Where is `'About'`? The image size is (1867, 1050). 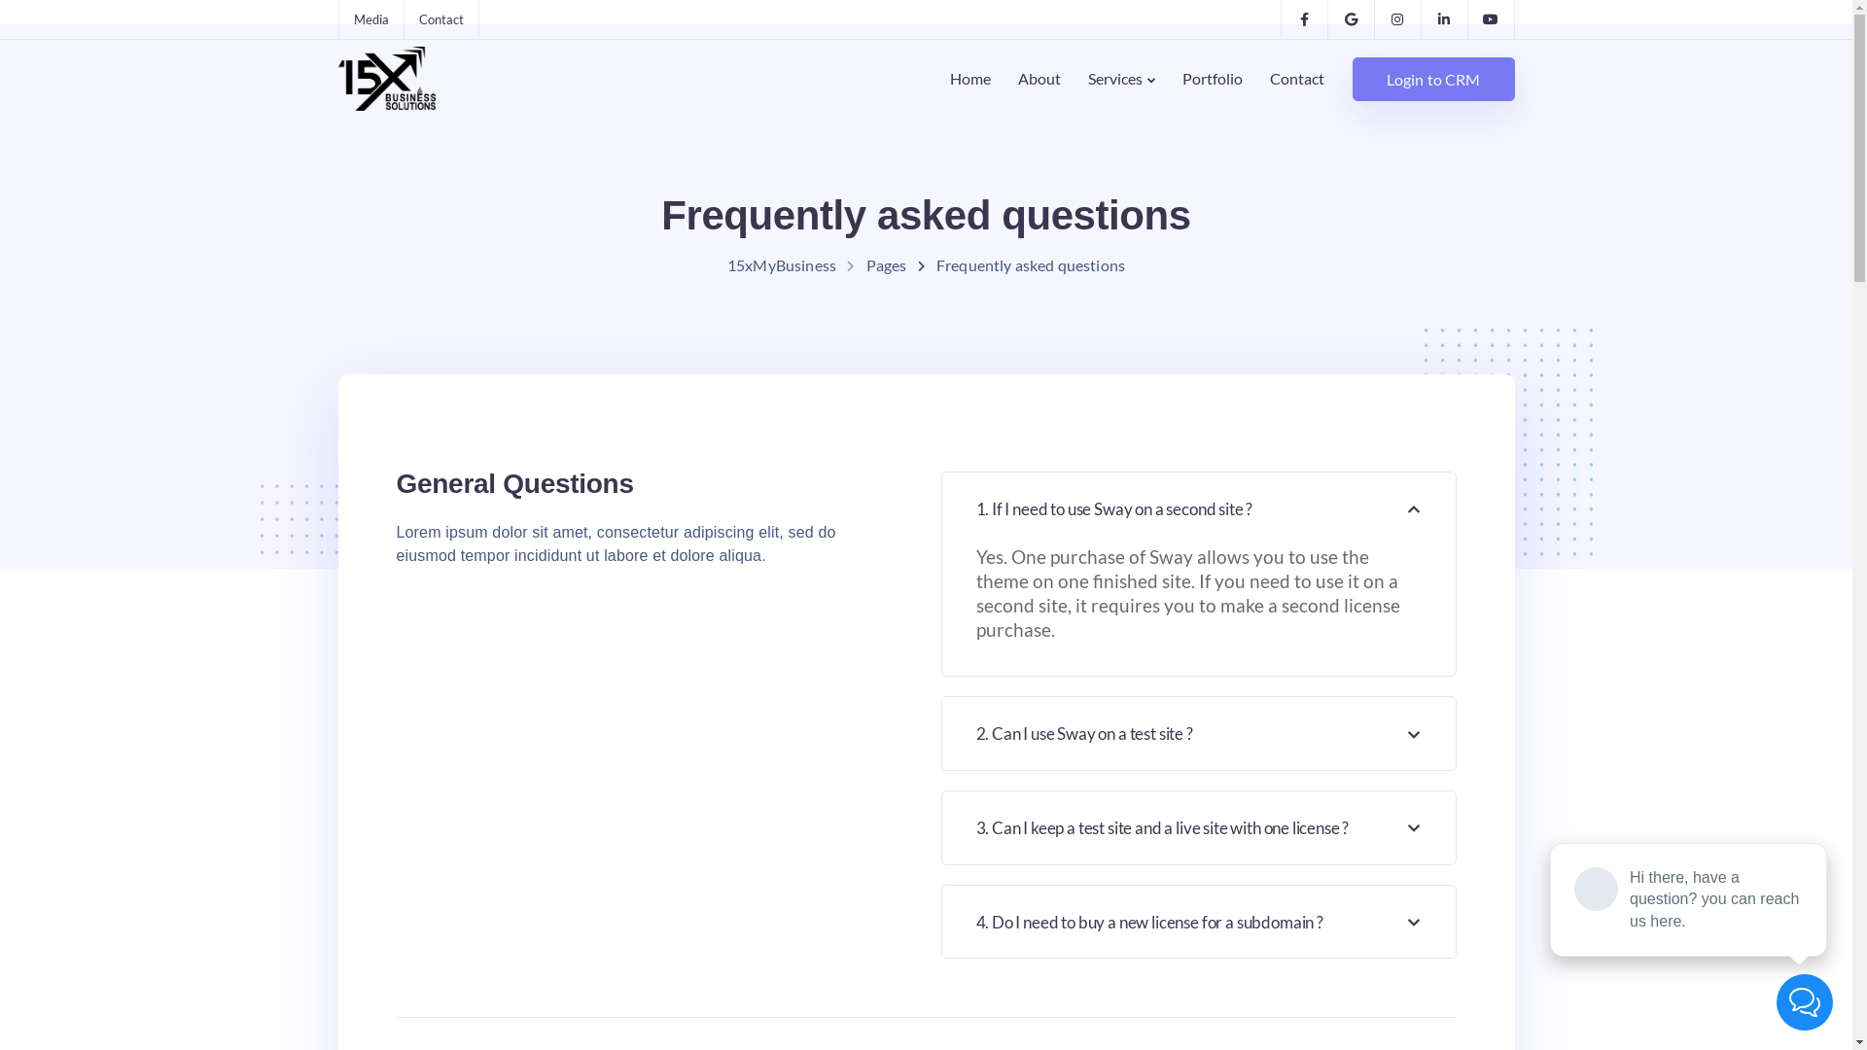 'About' is located at coordinates (844, 631).